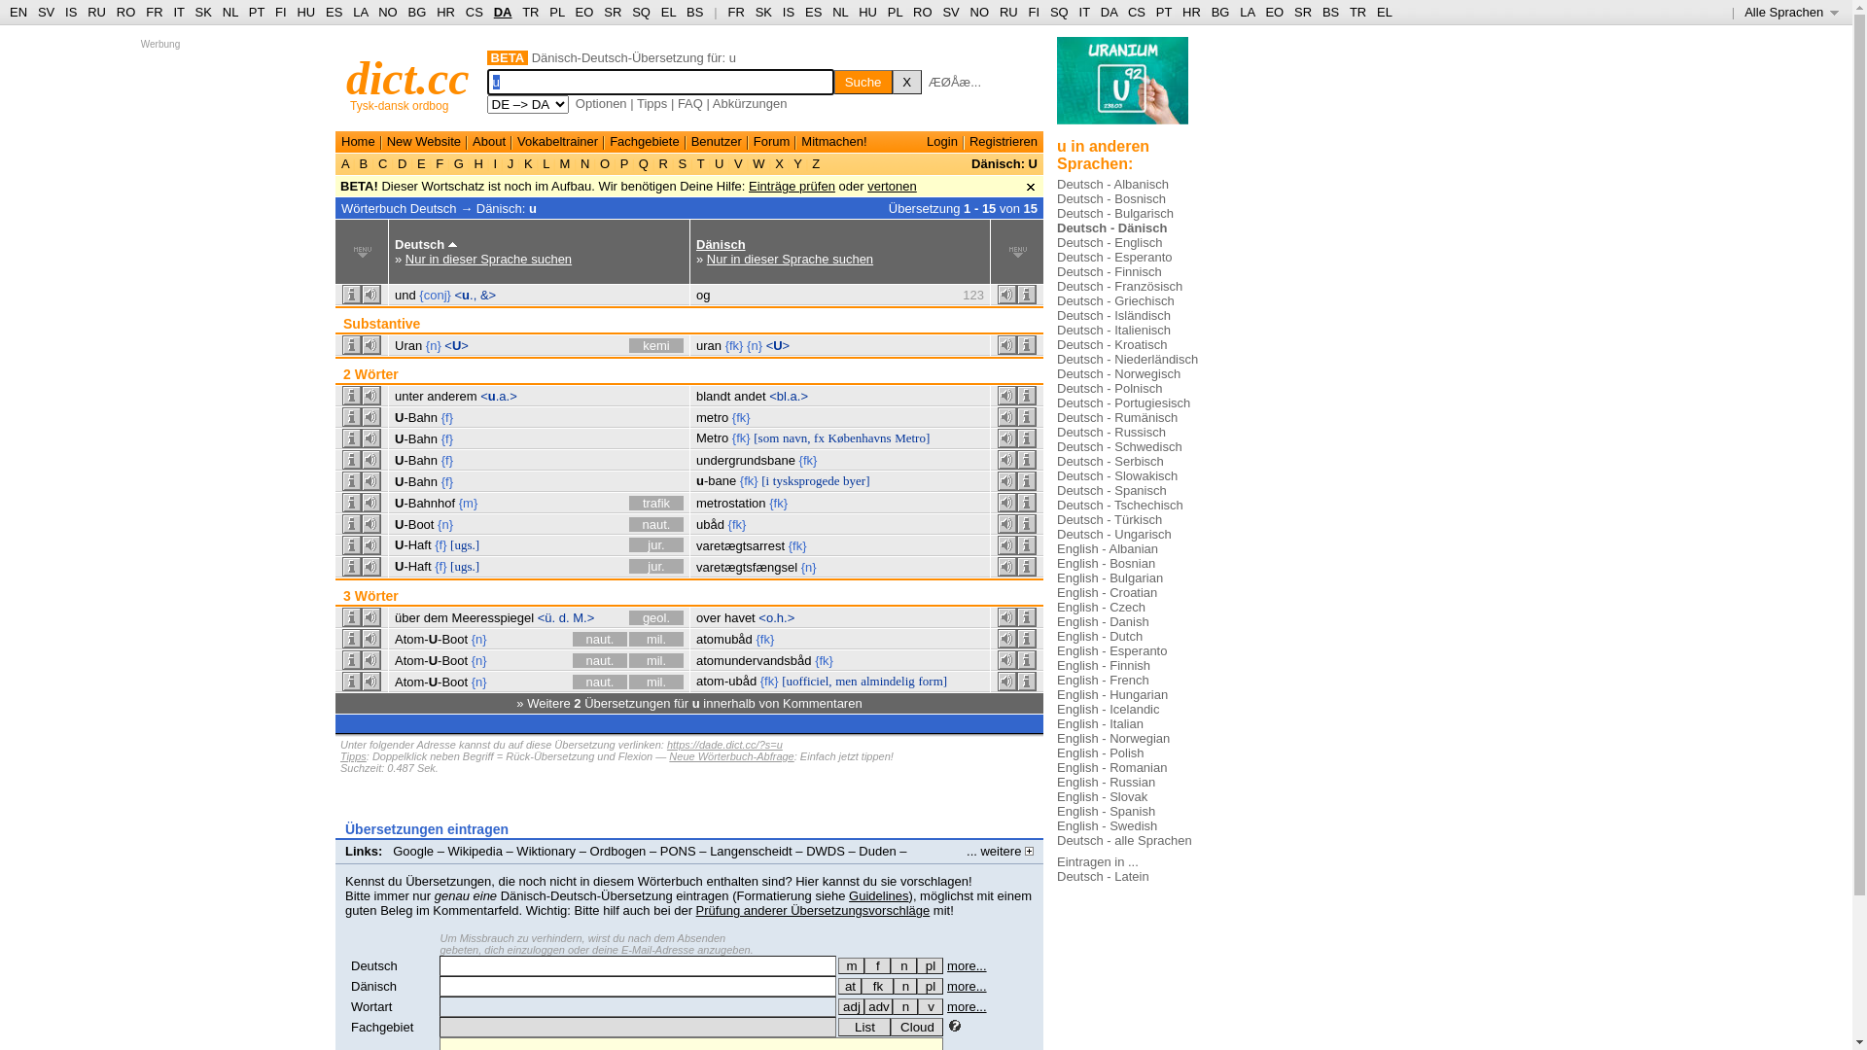 This screenshot has height=1050, width=1867. Describe the element at coordinates (700, 162) in the screenshot. I see `'T'` at that location.